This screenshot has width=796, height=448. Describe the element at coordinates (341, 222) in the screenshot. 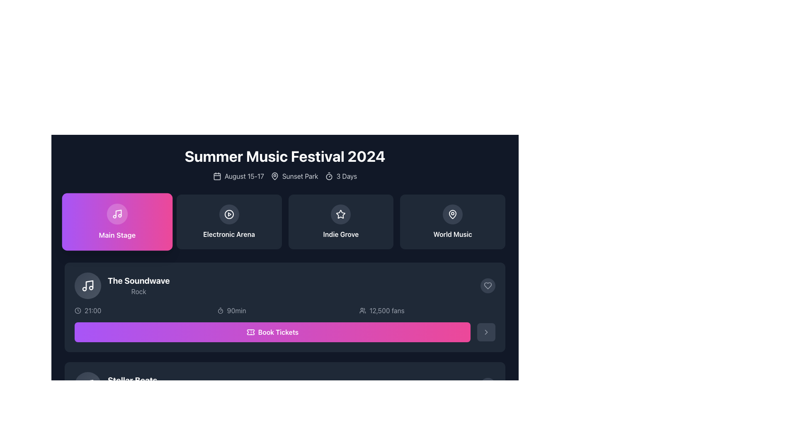

I see `the 'Indie Grove' category selector` at that location.